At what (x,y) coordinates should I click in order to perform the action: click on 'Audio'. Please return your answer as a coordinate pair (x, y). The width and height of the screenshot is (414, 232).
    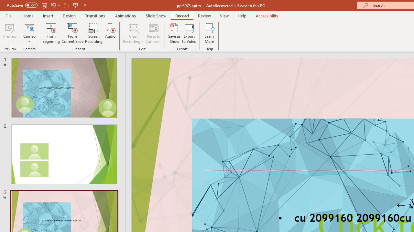
    Looking at the image, I should click on (110, 33).